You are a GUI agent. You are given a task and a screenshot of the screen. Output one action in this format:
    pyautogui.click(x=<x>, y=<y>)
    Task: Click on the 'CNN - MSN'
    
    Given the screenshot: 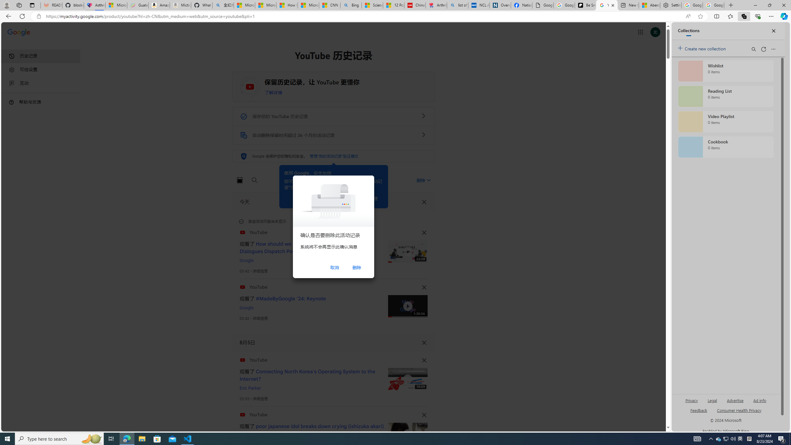 What is the action you would take?
    pyautogui.click(x=330, y=5)
    